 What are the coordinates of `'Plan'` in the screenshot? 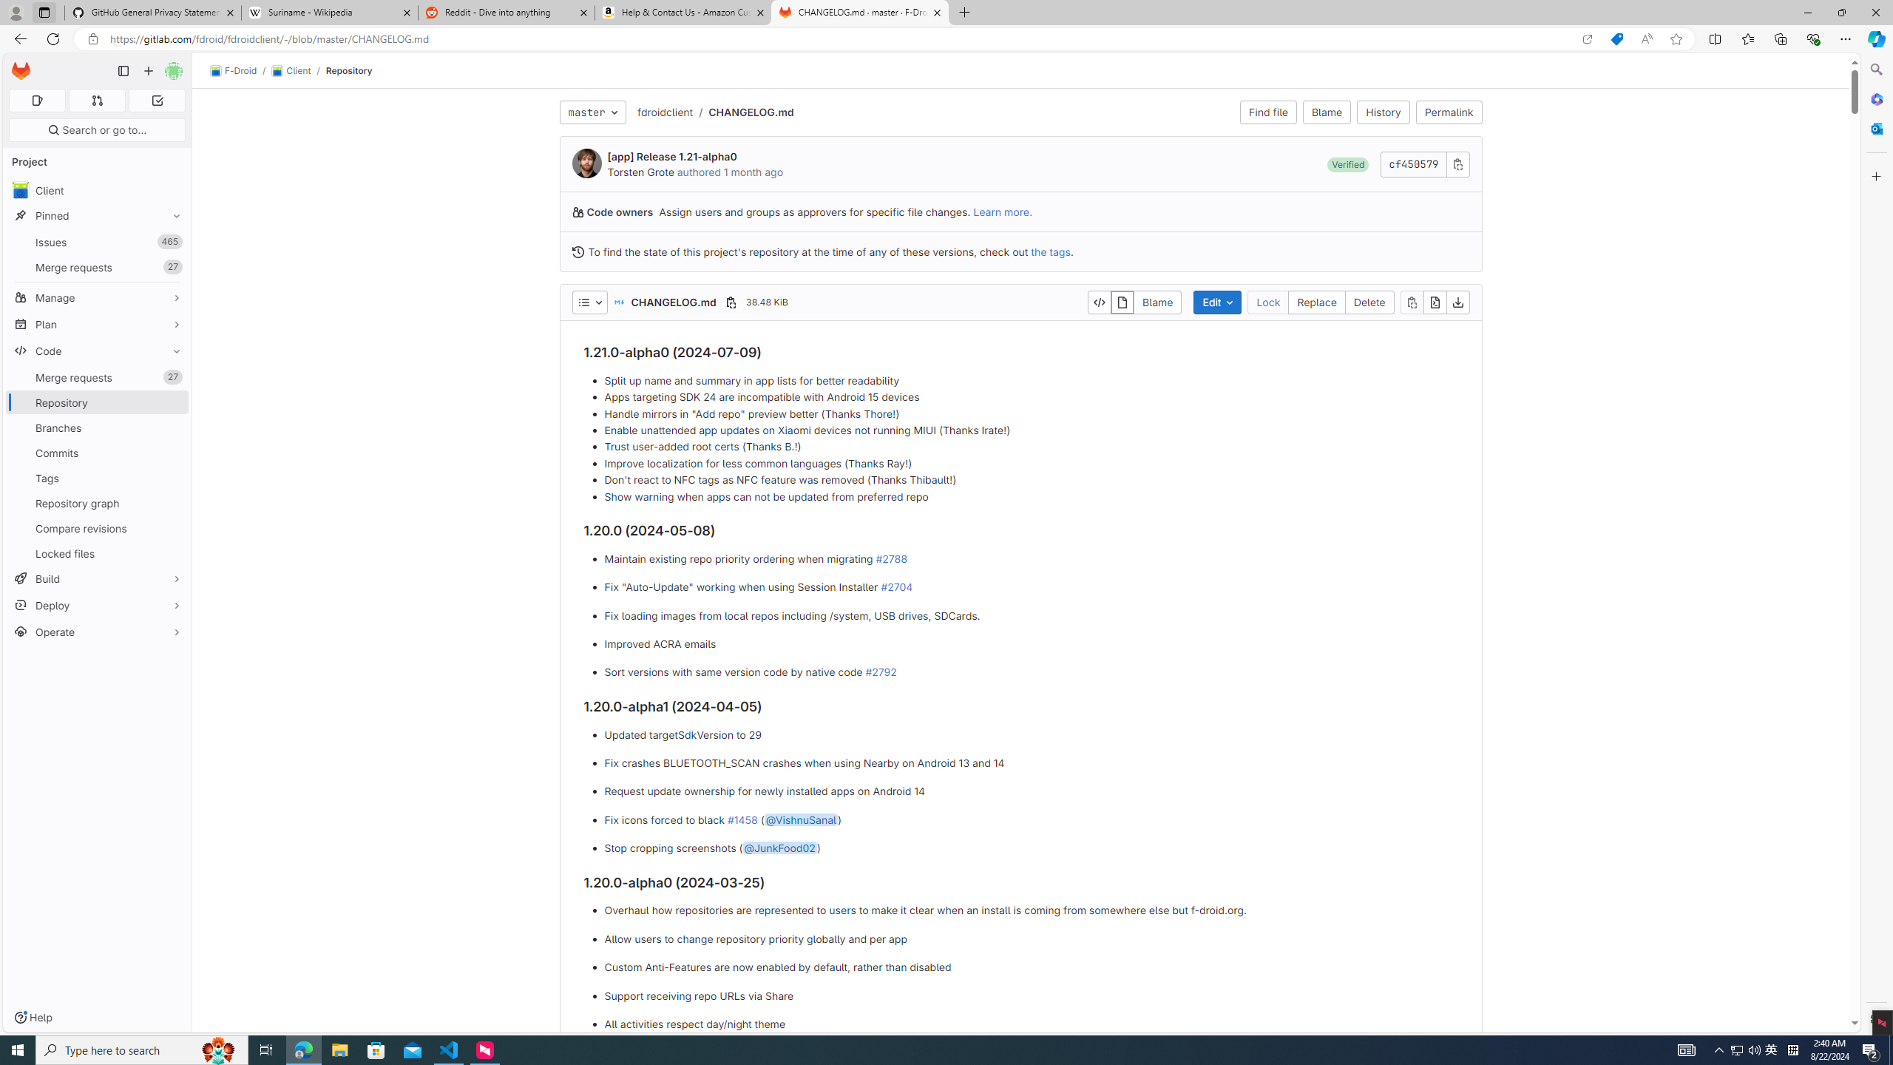 It's located at (96, 323).